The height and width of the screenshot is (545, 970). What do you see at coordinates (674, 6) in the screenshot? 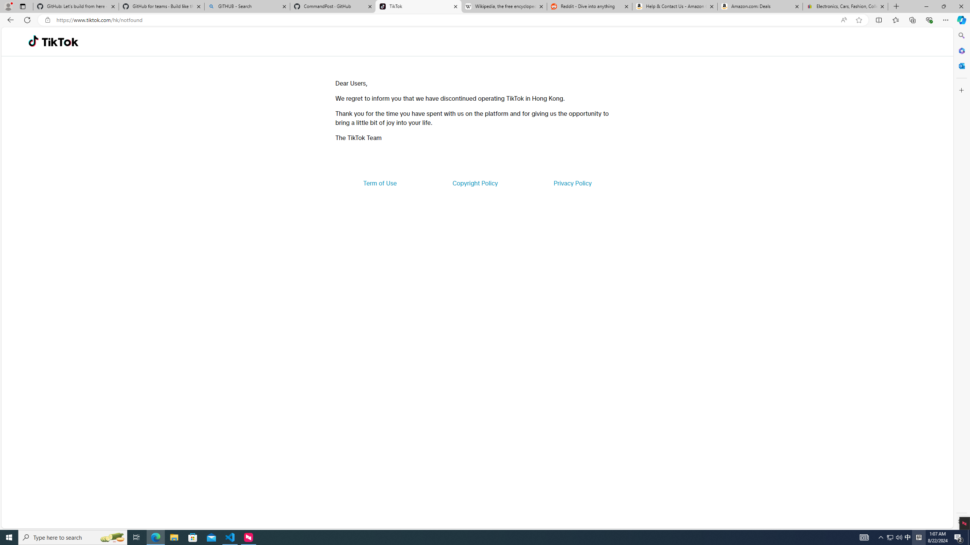
I see `'Help & Contact Us - Amazon Customer Service'` at bounding box center [674, 6].